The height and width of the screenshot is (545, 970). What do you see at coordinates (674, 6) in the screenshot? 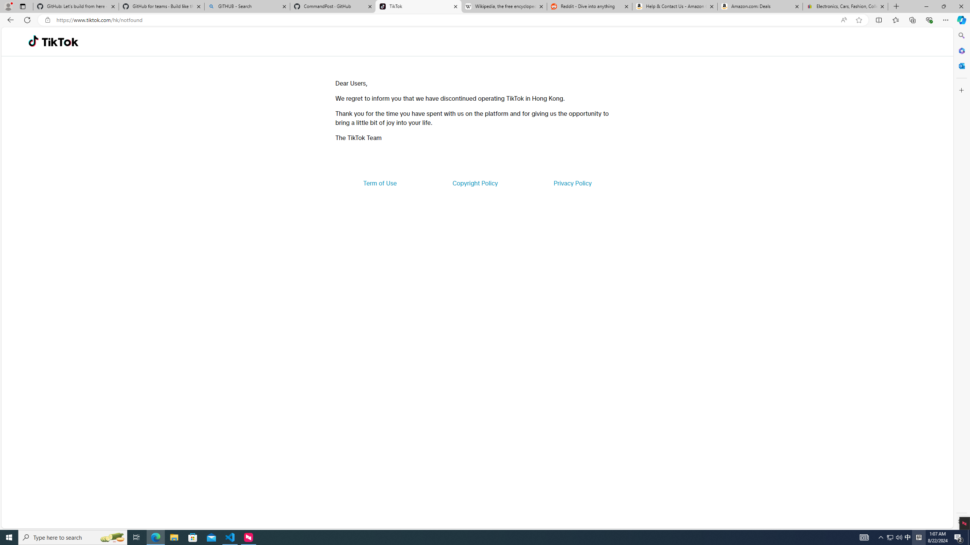
I see `'Help & Contact Us - Amazon Customer Service'` at bounding box center [674, 6].